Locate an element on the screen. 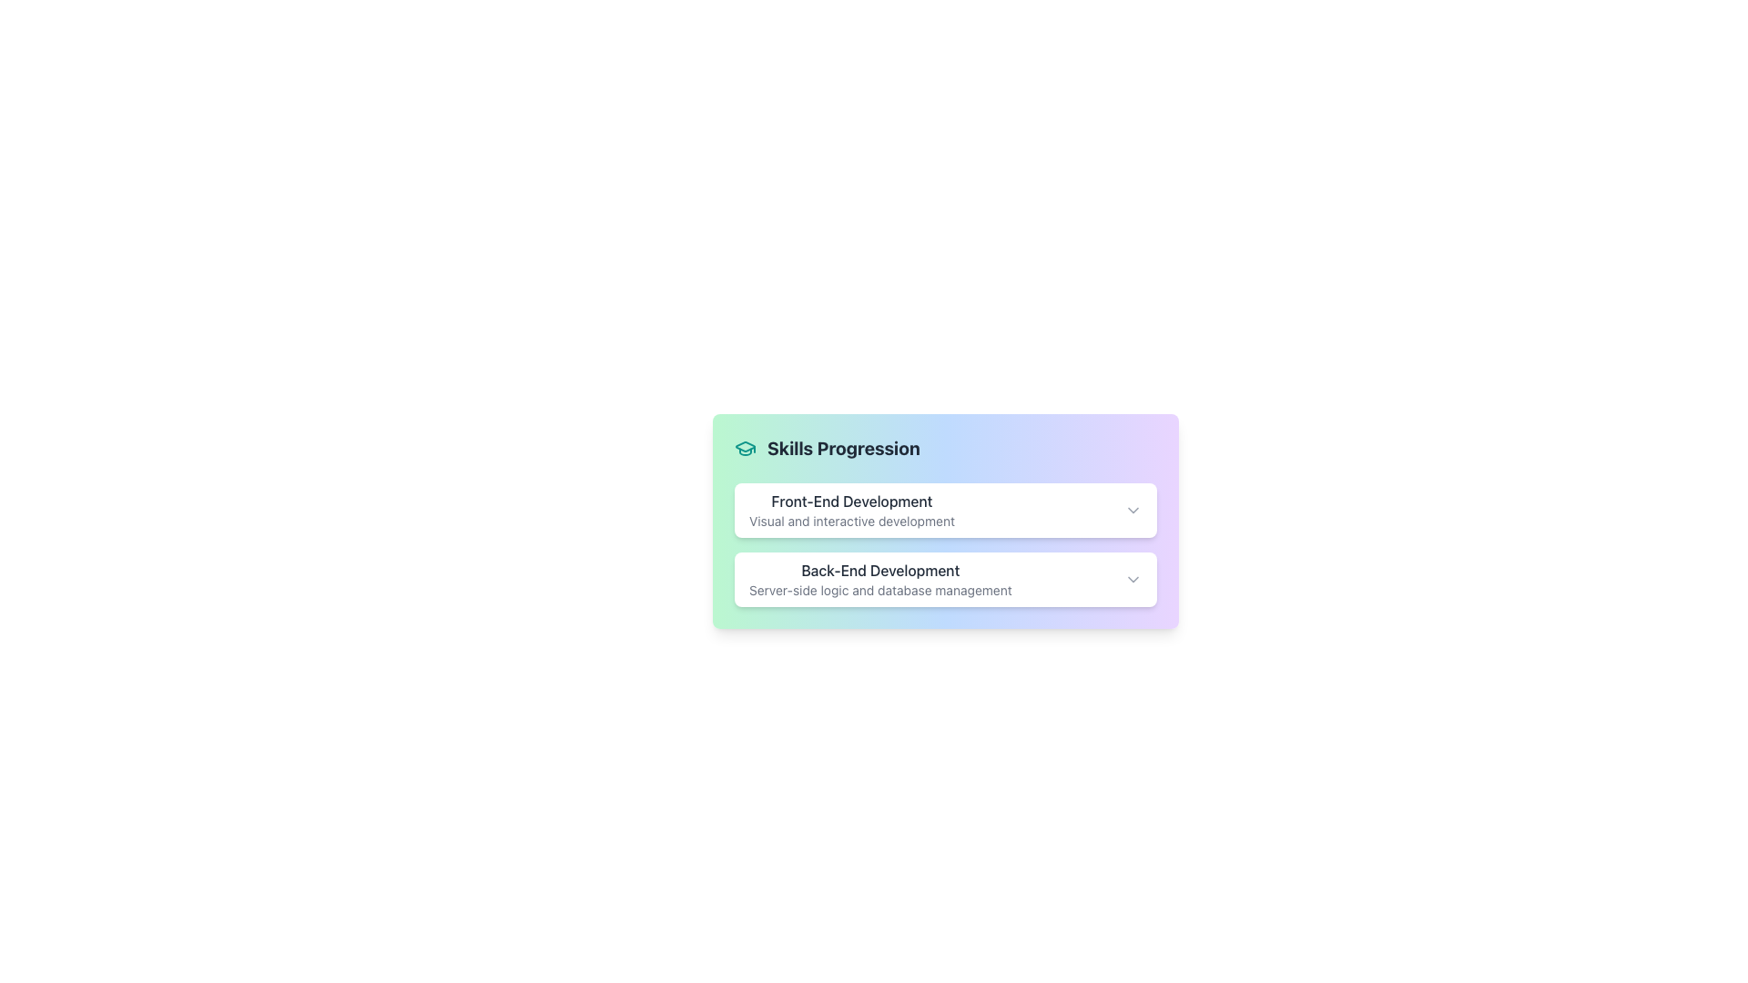 This screenshot has width=1748, height=983. the decorative icon representing skills progression, located to the left of the 'Skills Progression' text in the header area of the skills card interface is located at coordinates (746, 449).